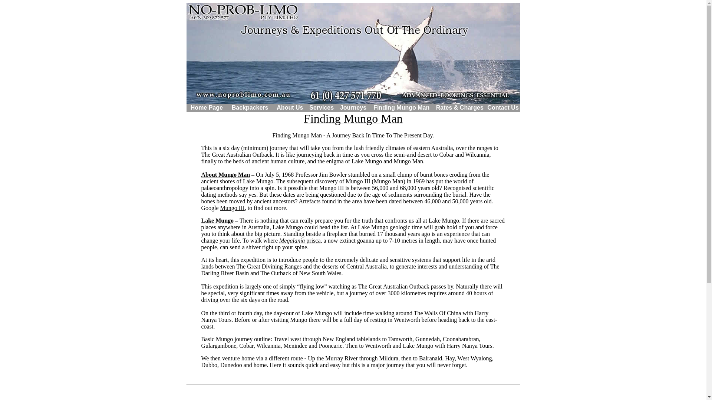  Describe the element at coordinates (289, 107) in the screenshot. I see `'About Us'` at that location.